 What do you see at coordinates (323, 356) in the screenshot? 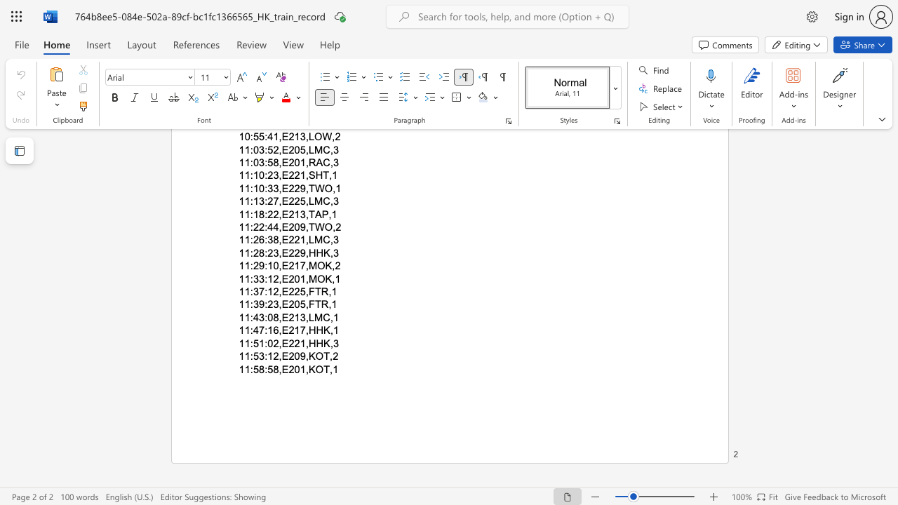
I see `the subset text "T,2" within the text "11:53:12,E209,KOT,2"` at bounding box center [323, 356].